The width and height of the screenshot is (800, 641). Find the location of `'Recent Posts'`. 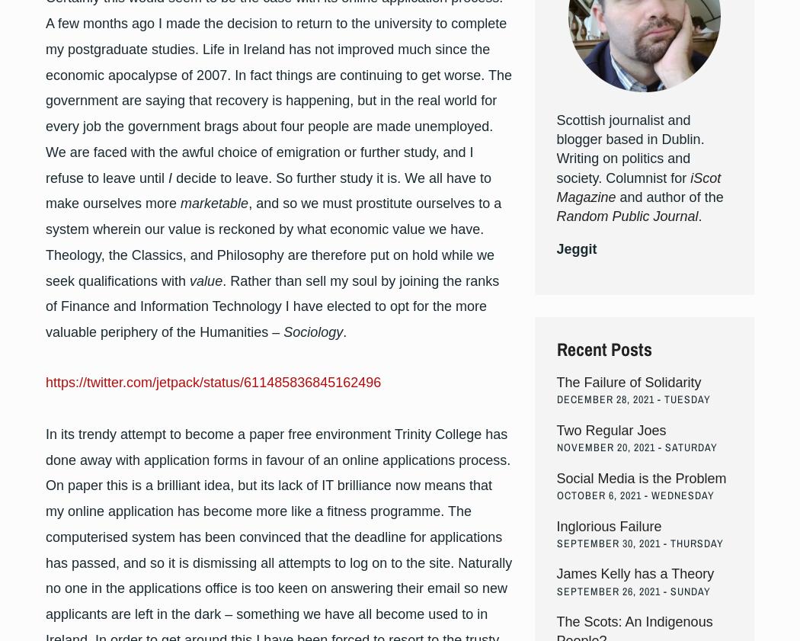

'Recent Posts' is located at coordinates (603, 348).